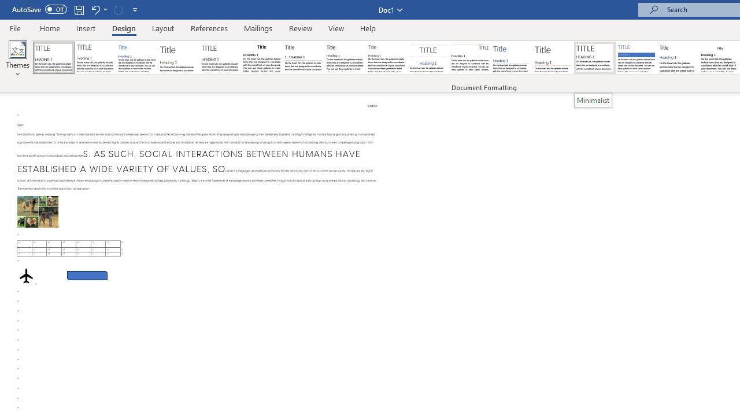 The image size is (740, 416). I want to click on 'Black & White (Capitalized)', so click(220, 58).